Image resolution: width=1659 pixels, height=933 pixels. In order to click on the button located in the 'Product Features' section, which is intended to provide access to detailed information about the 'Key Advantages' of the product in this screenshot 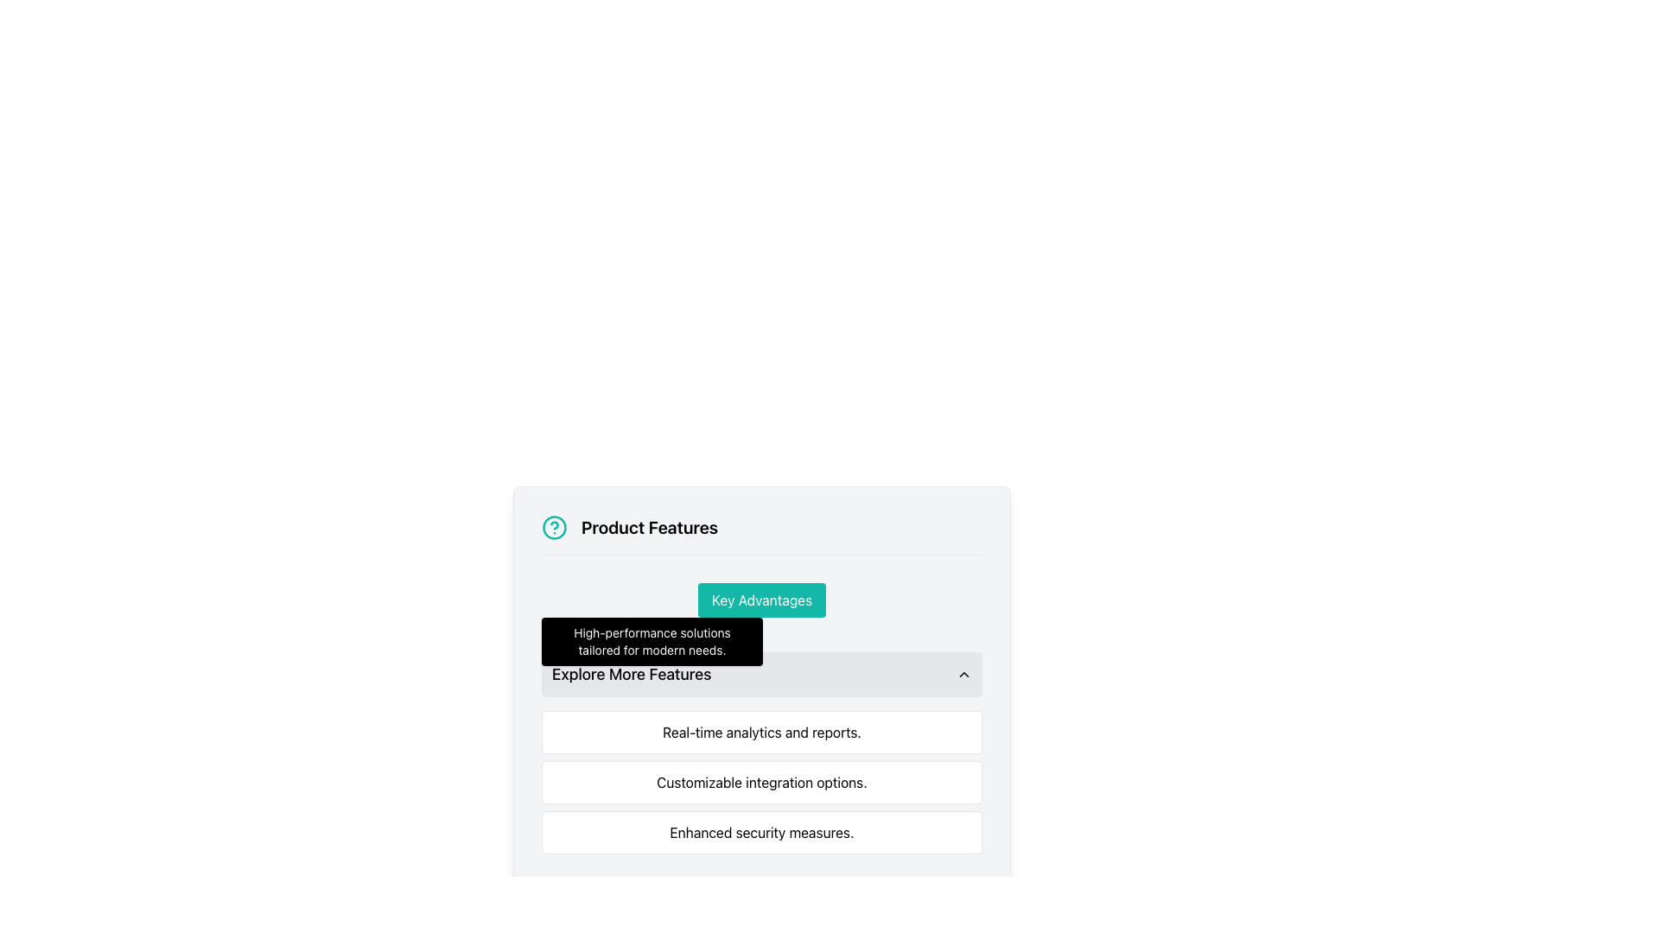, I will do `click(761, 599)`.